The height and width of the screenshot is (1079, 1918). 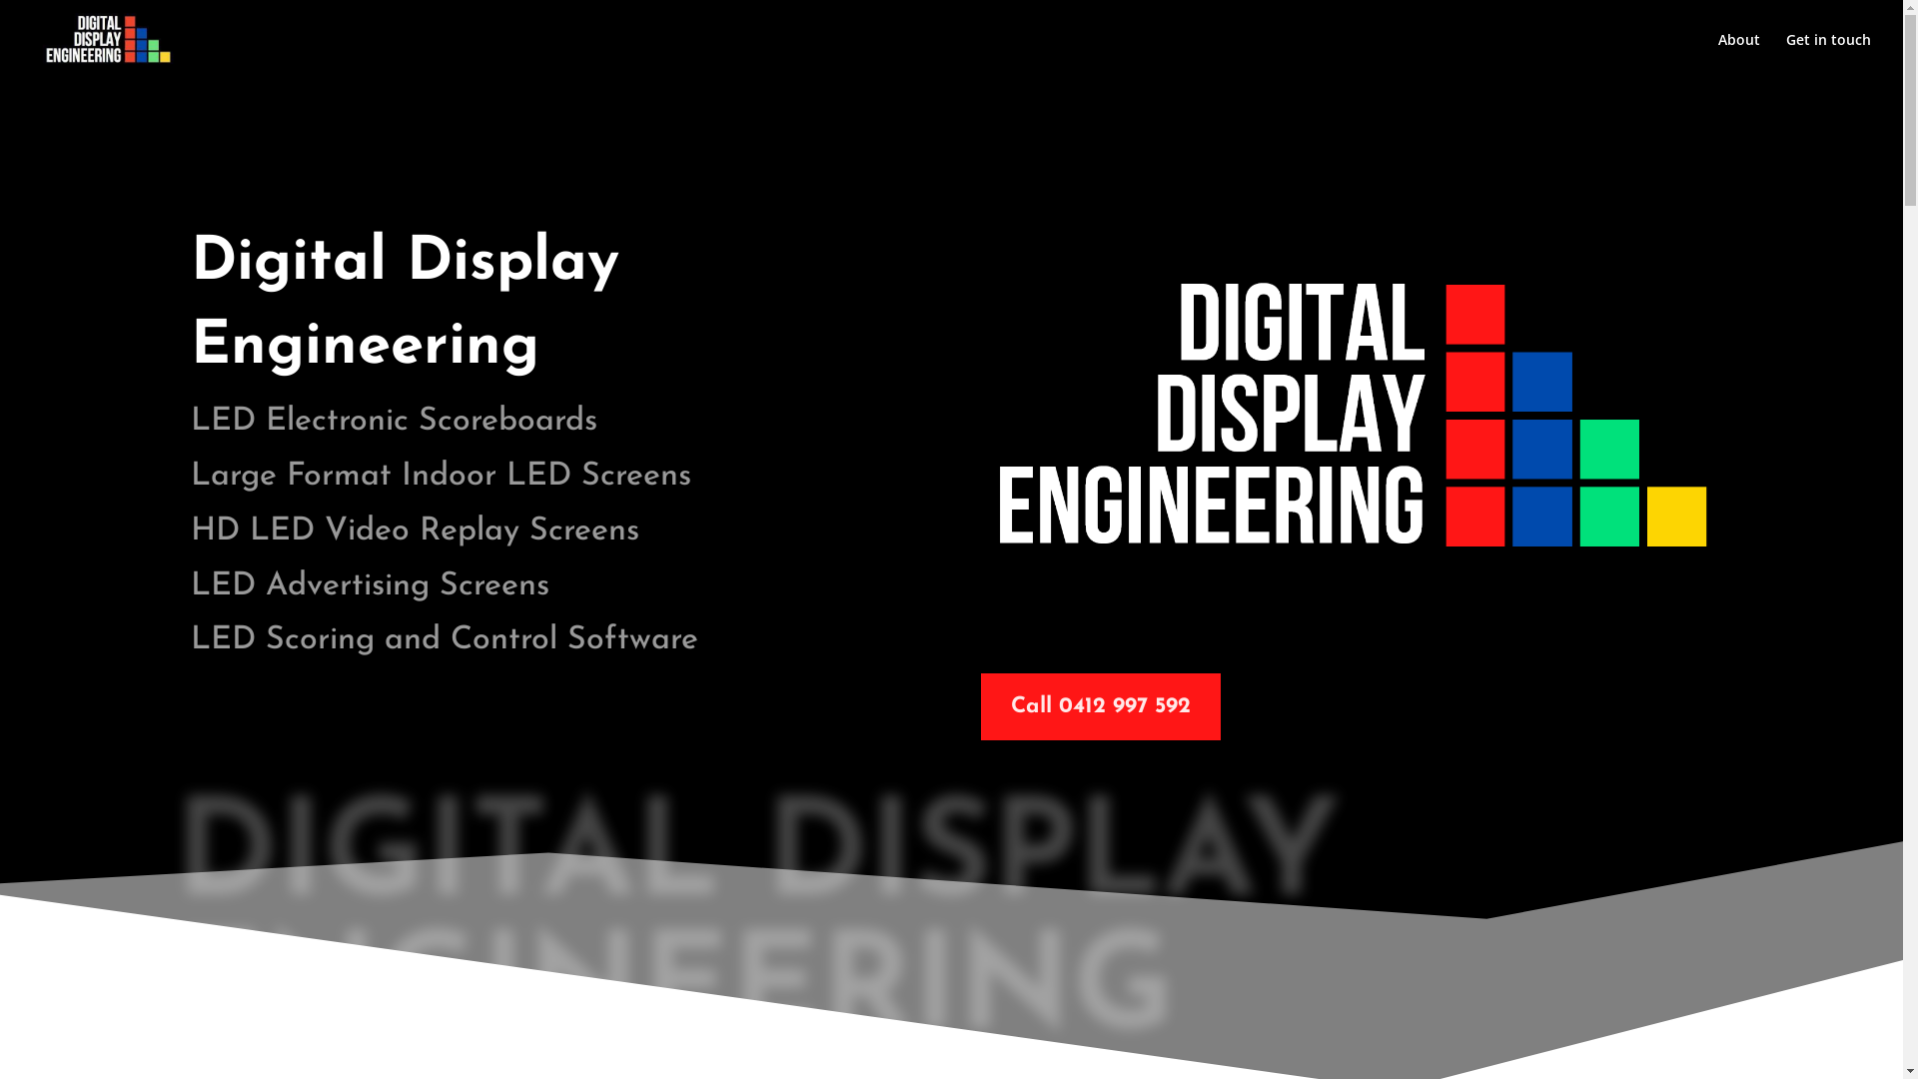 I want to click on 'Digital Display Engineering', so click(x=1352, y=410).